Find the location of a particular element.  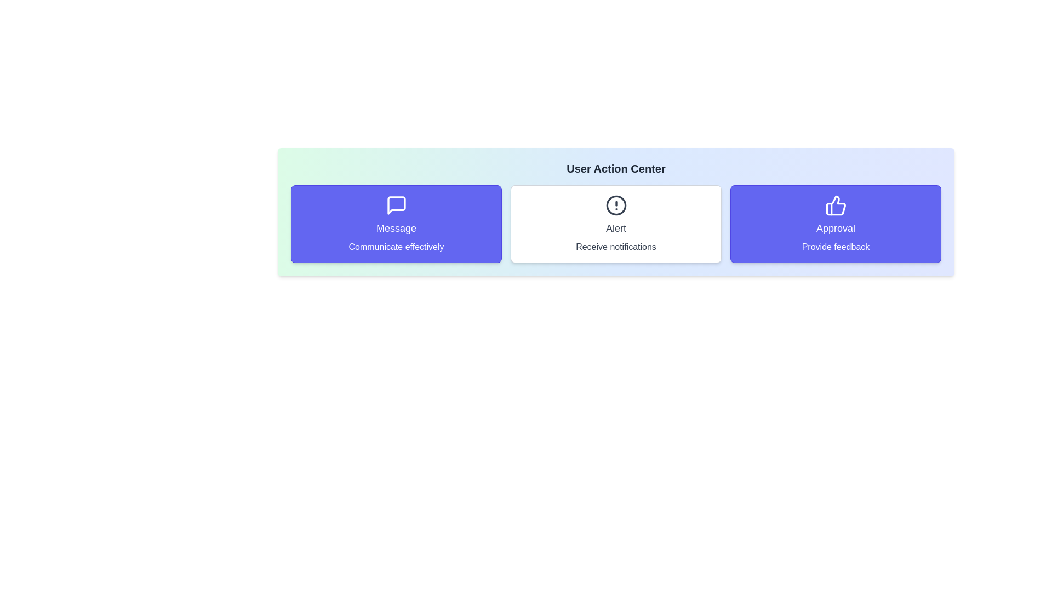

the action card corresponding to Alert is located at coordinates (616, 223).